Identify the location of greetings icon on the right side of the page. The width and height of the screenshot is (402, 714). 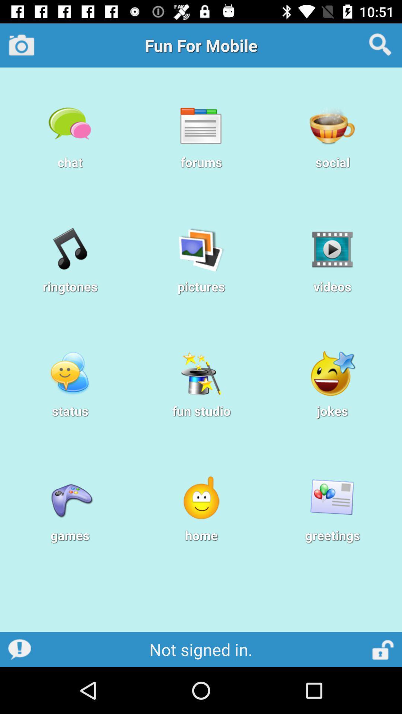
(332, 498).